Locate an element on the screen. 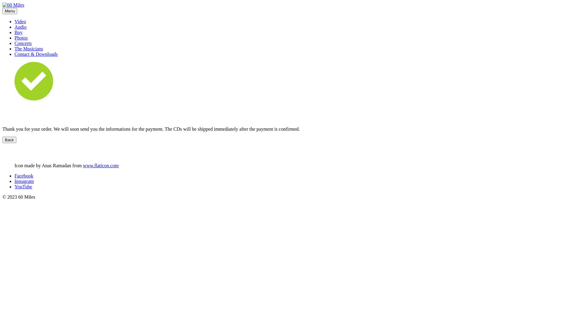 This screenshot has height=326, width=580. 'Menu' is located at coordinates (2, 11).